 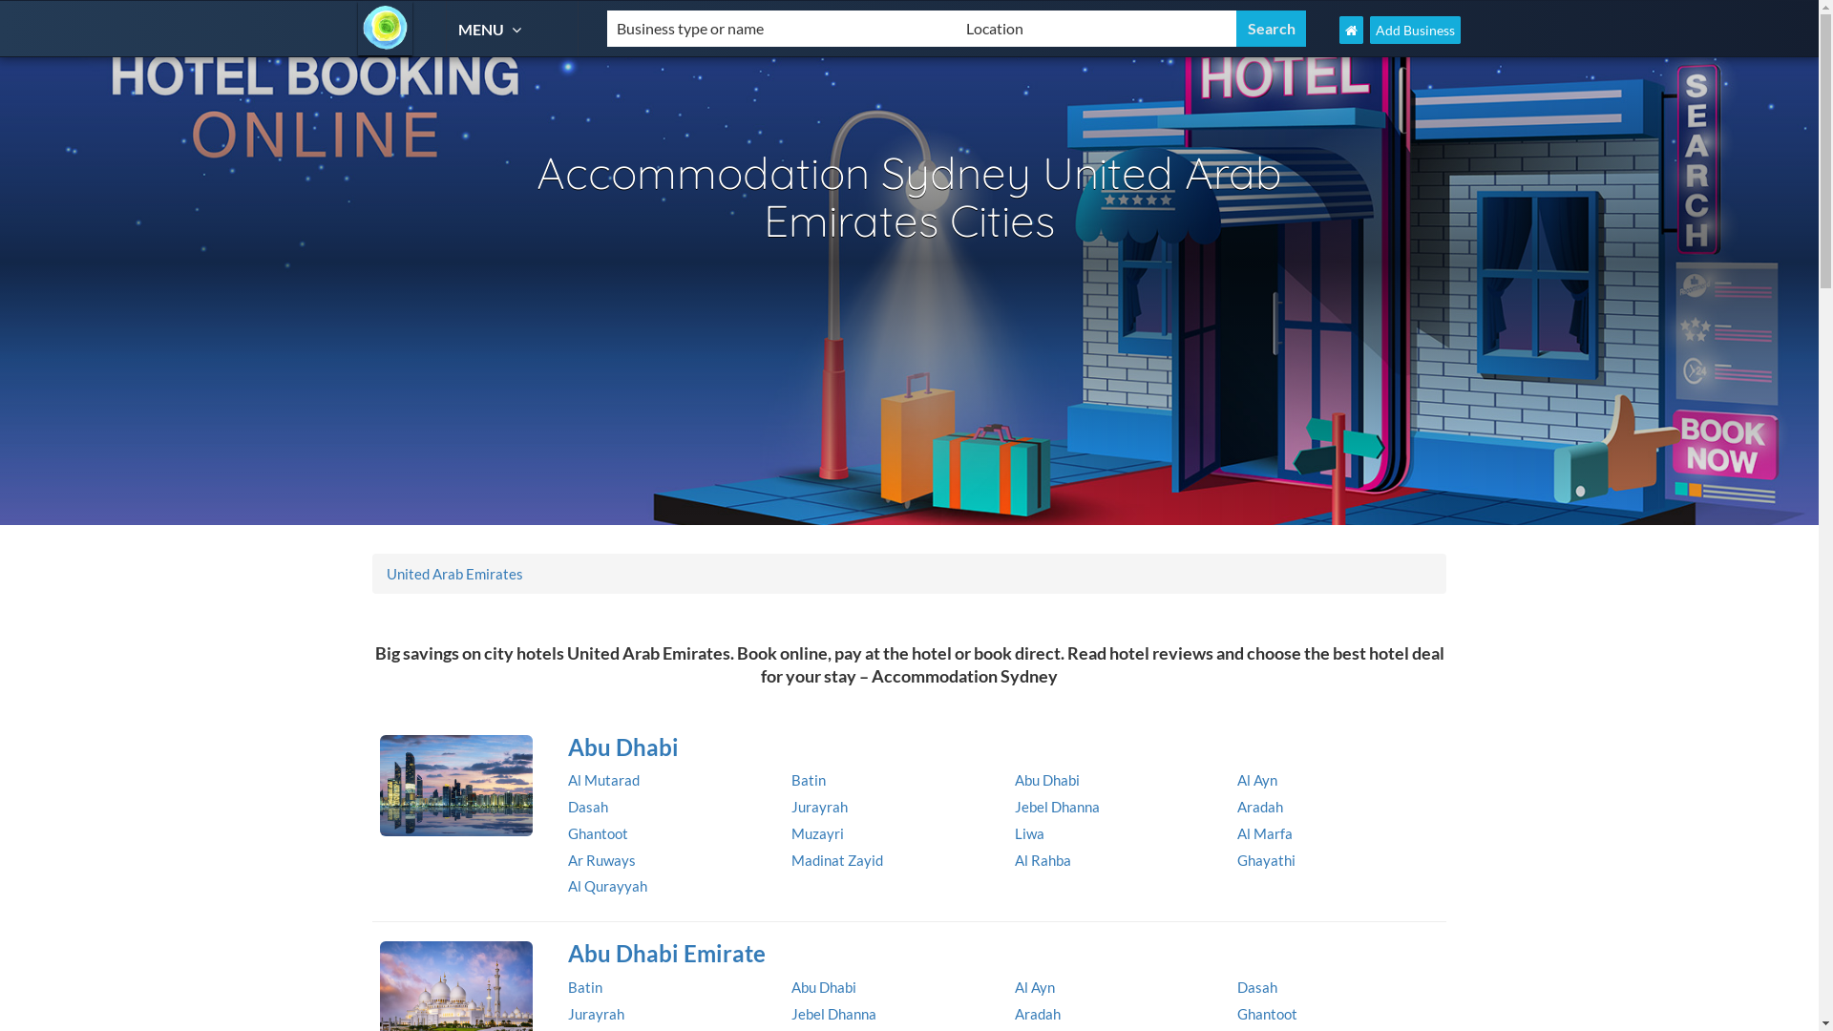 What do you see at coordinates (1271, 29) in the screenshot?
I see `'Search'` at bounding box center [1271, 29].